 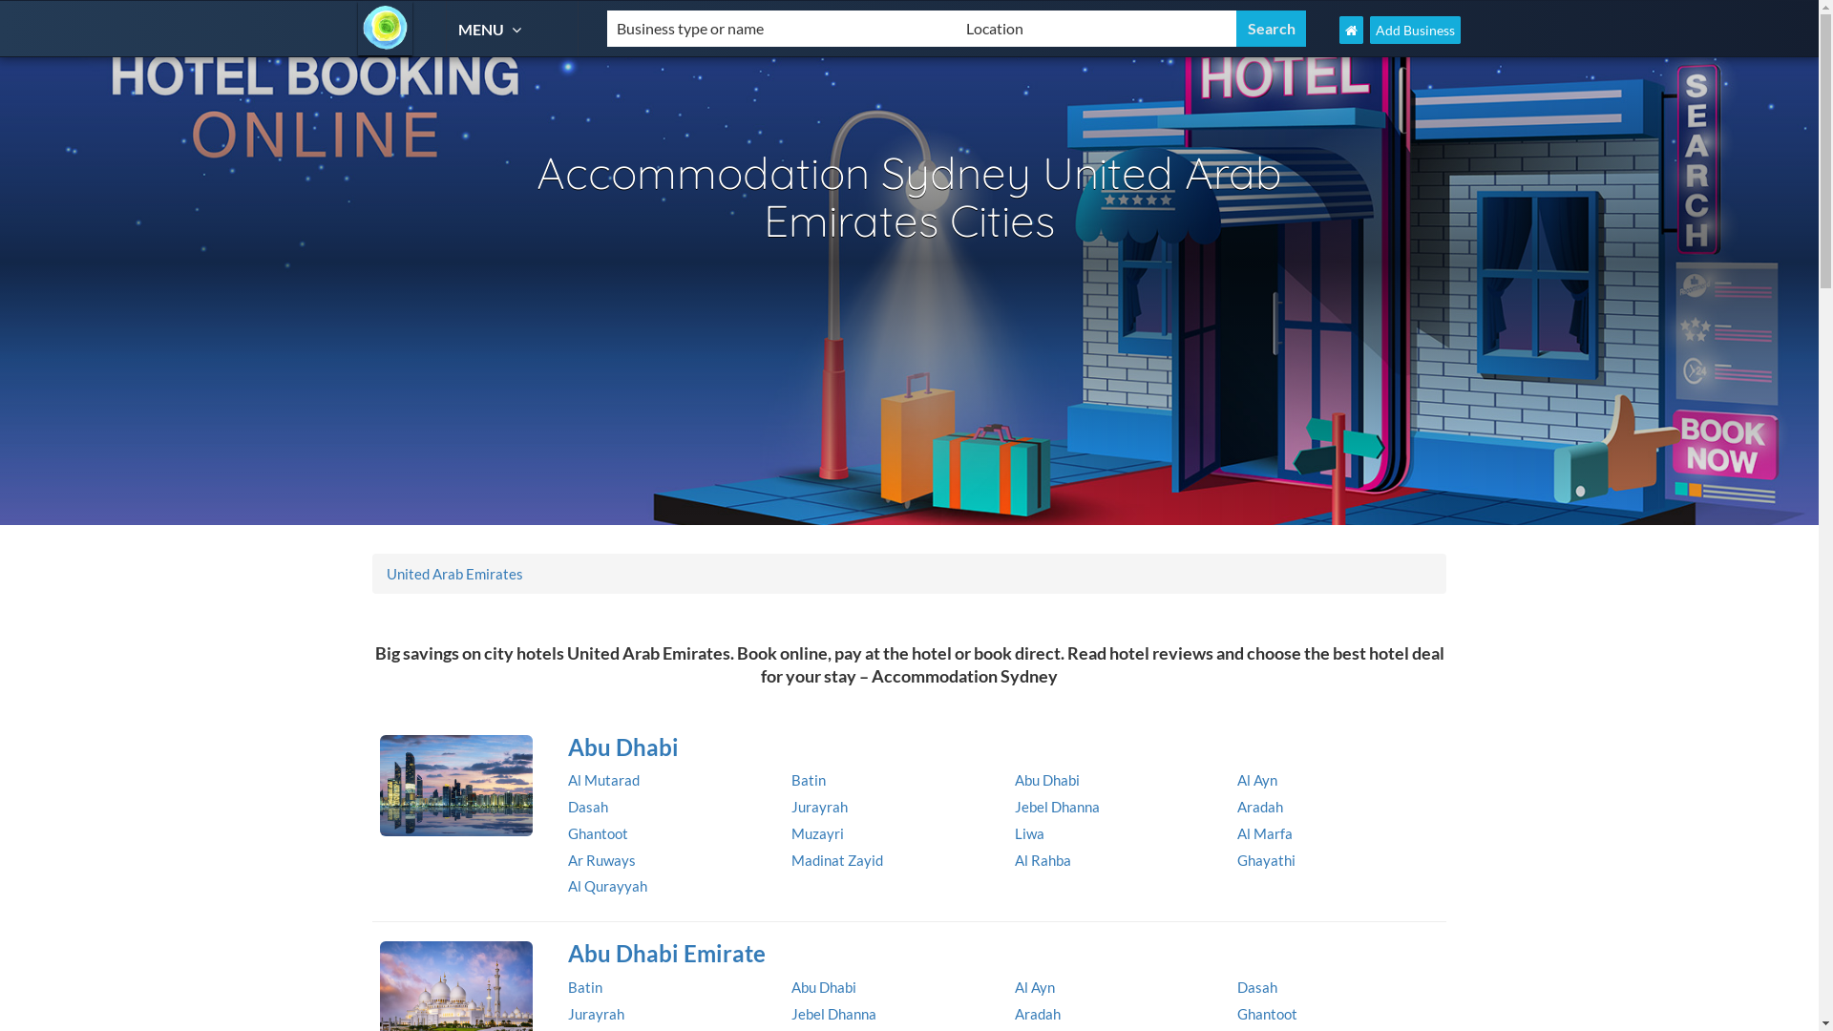 What do you see at coordinates (1271, 29) in the screenshot?
I see `'Search'` at bounding box center [1271, 29].